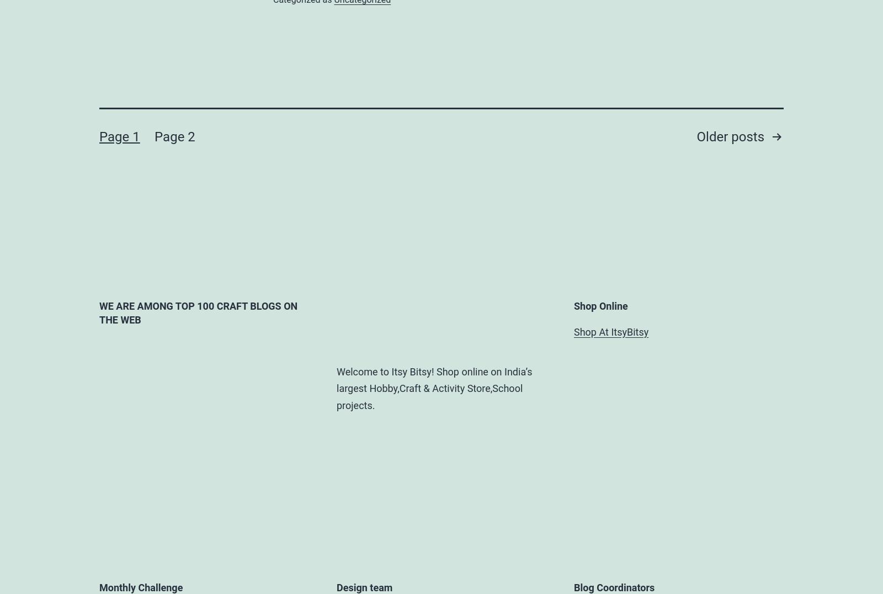  What do you see at coordinates (141, 587) in the screenshot?
I see `'Monthly Challenge'` at bounding box center [141, 587].